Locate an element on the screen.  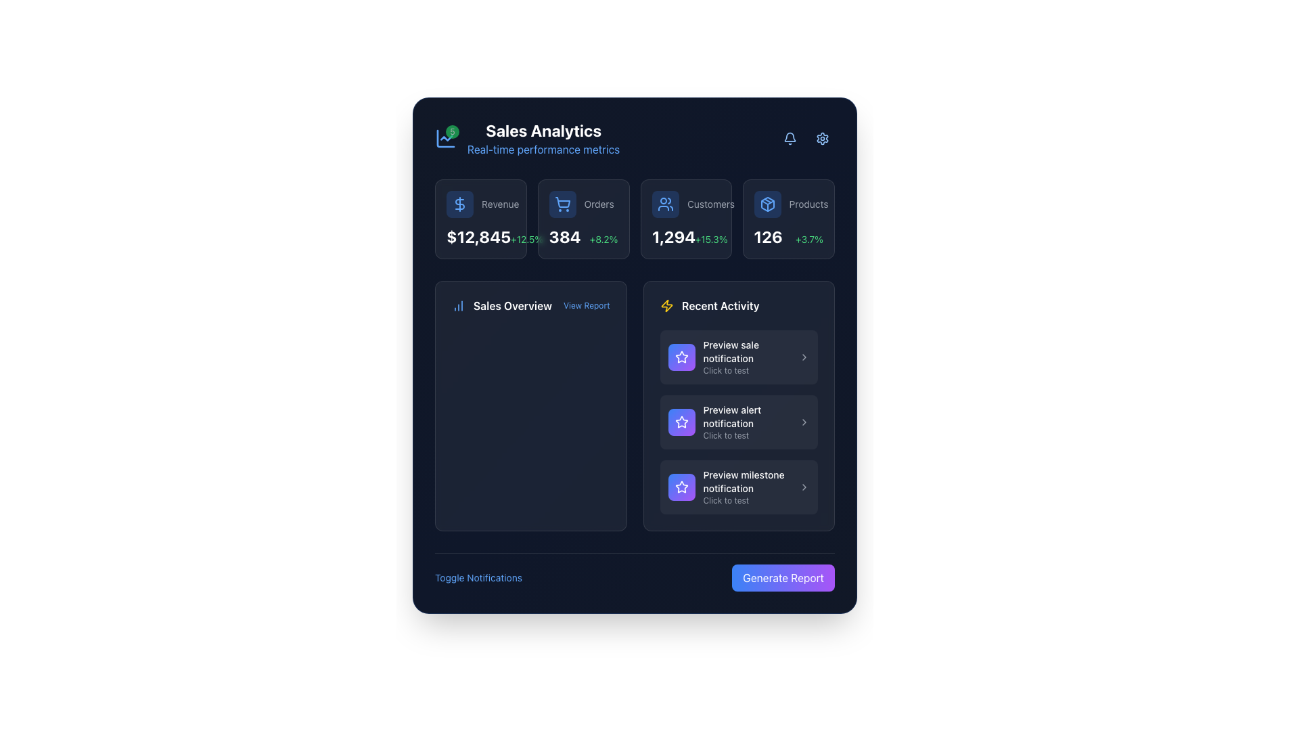
the three-dimensional box icon located in the top-right section of the 'Products' card, which is styled minimally with visible edges and lines is located at coordinates (768, 204).